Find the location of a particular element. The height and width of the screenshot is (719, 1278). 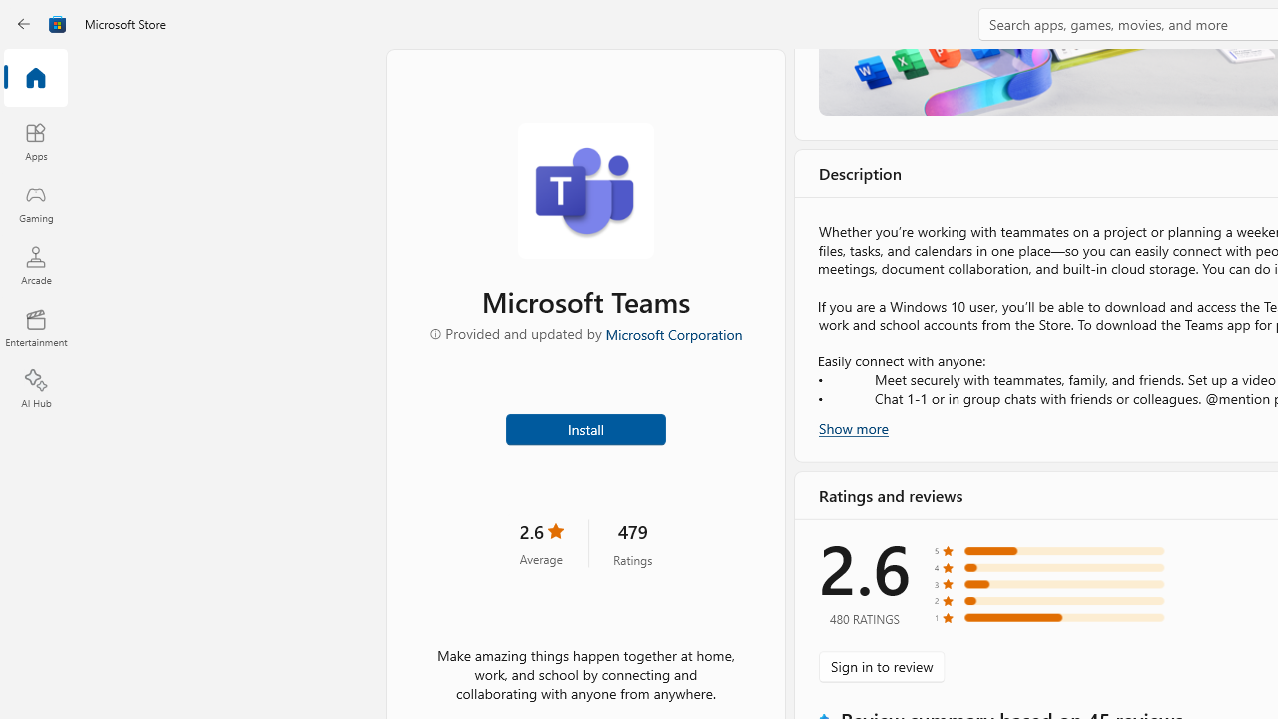

'Gaming' is located at coordinates (35, 203).